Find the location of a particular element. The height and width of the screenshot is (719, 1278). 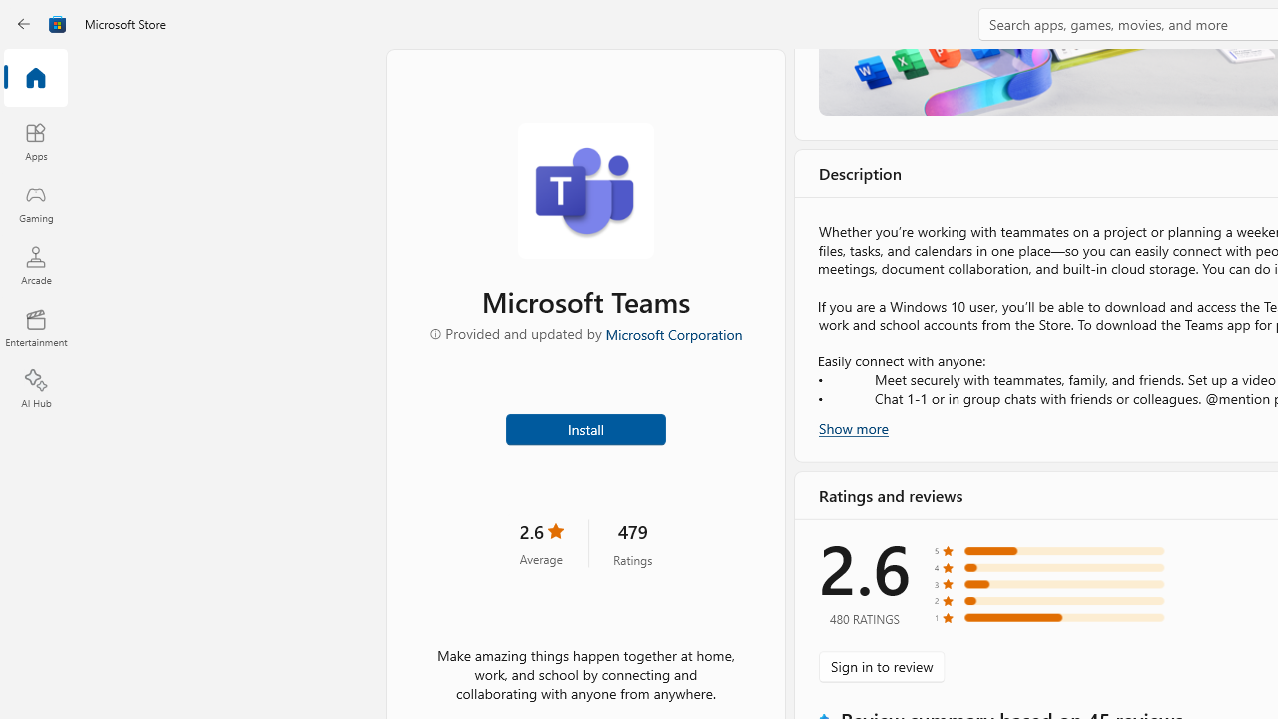

'Gaming' is located at coordinates (35, 203).